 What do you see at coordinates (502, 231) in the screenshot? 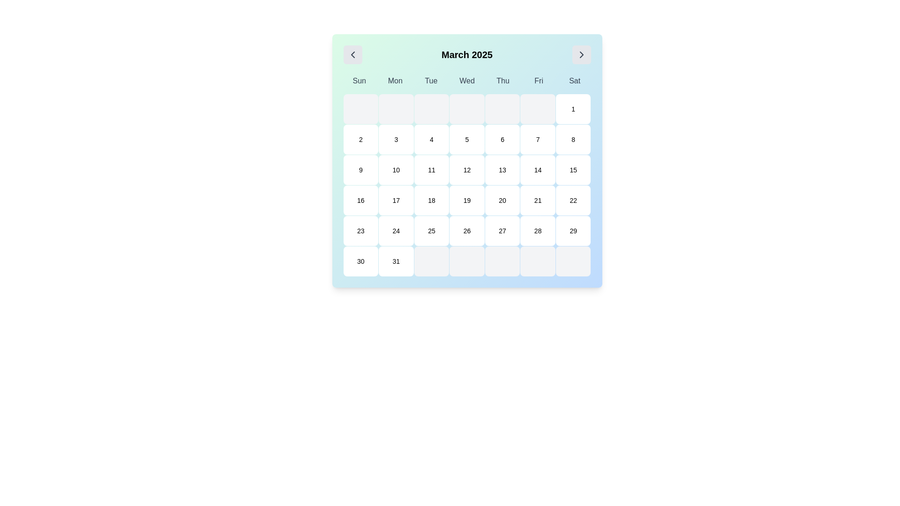
I see `the button displaying the date '27' in the March 2025 calendar` at bounding box center [502, 231].